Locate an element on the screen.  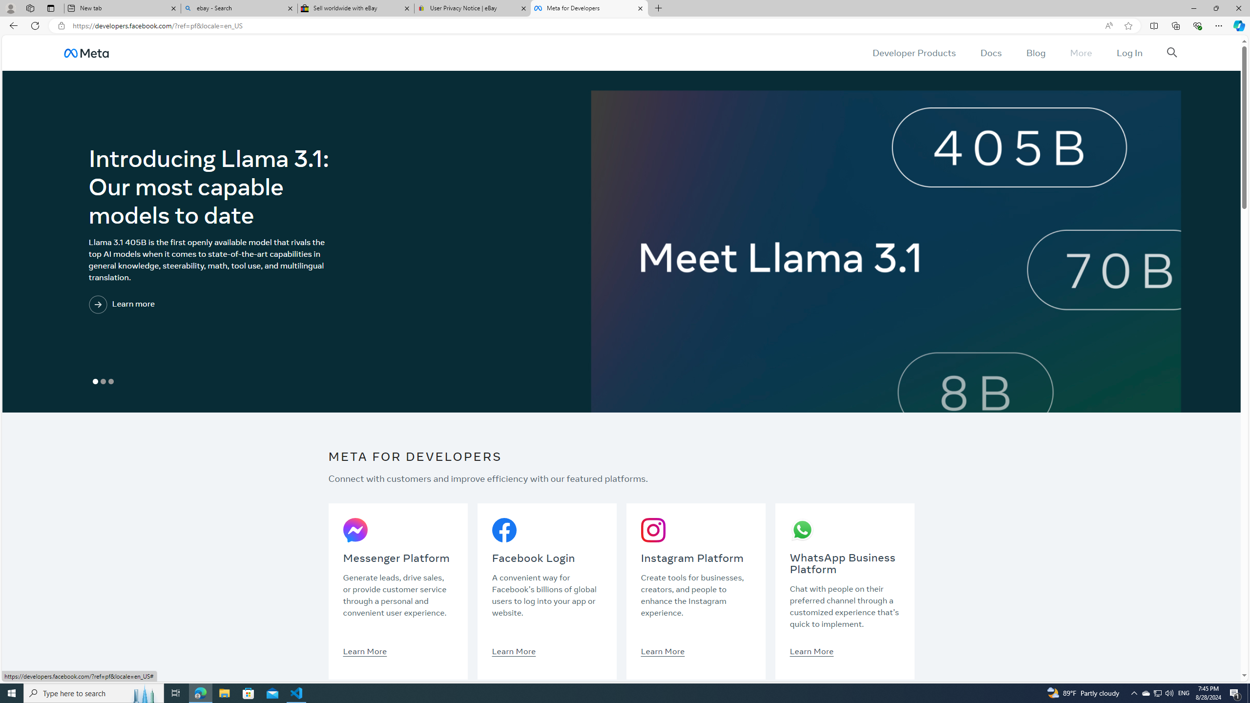
'AutomationID: u_0_25_3H' is located at coordinates (85, 52).